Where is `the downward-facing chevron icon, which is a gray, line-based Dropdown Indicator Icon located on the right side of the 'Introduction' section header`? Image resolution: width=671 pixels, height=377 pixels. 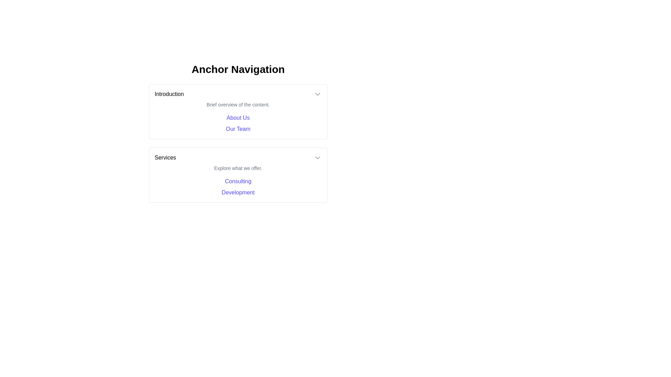 the downward-facing chevron icon, which is a gray, line-based Dropdown Indicator Icon located on the right side of the 'Introduction' section header is located at coordinates (317, 94).